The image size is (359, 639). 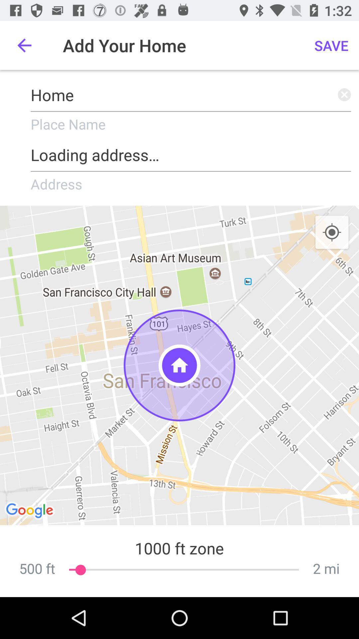 I want to click on the icon above address item, so click(x=191, y=152).